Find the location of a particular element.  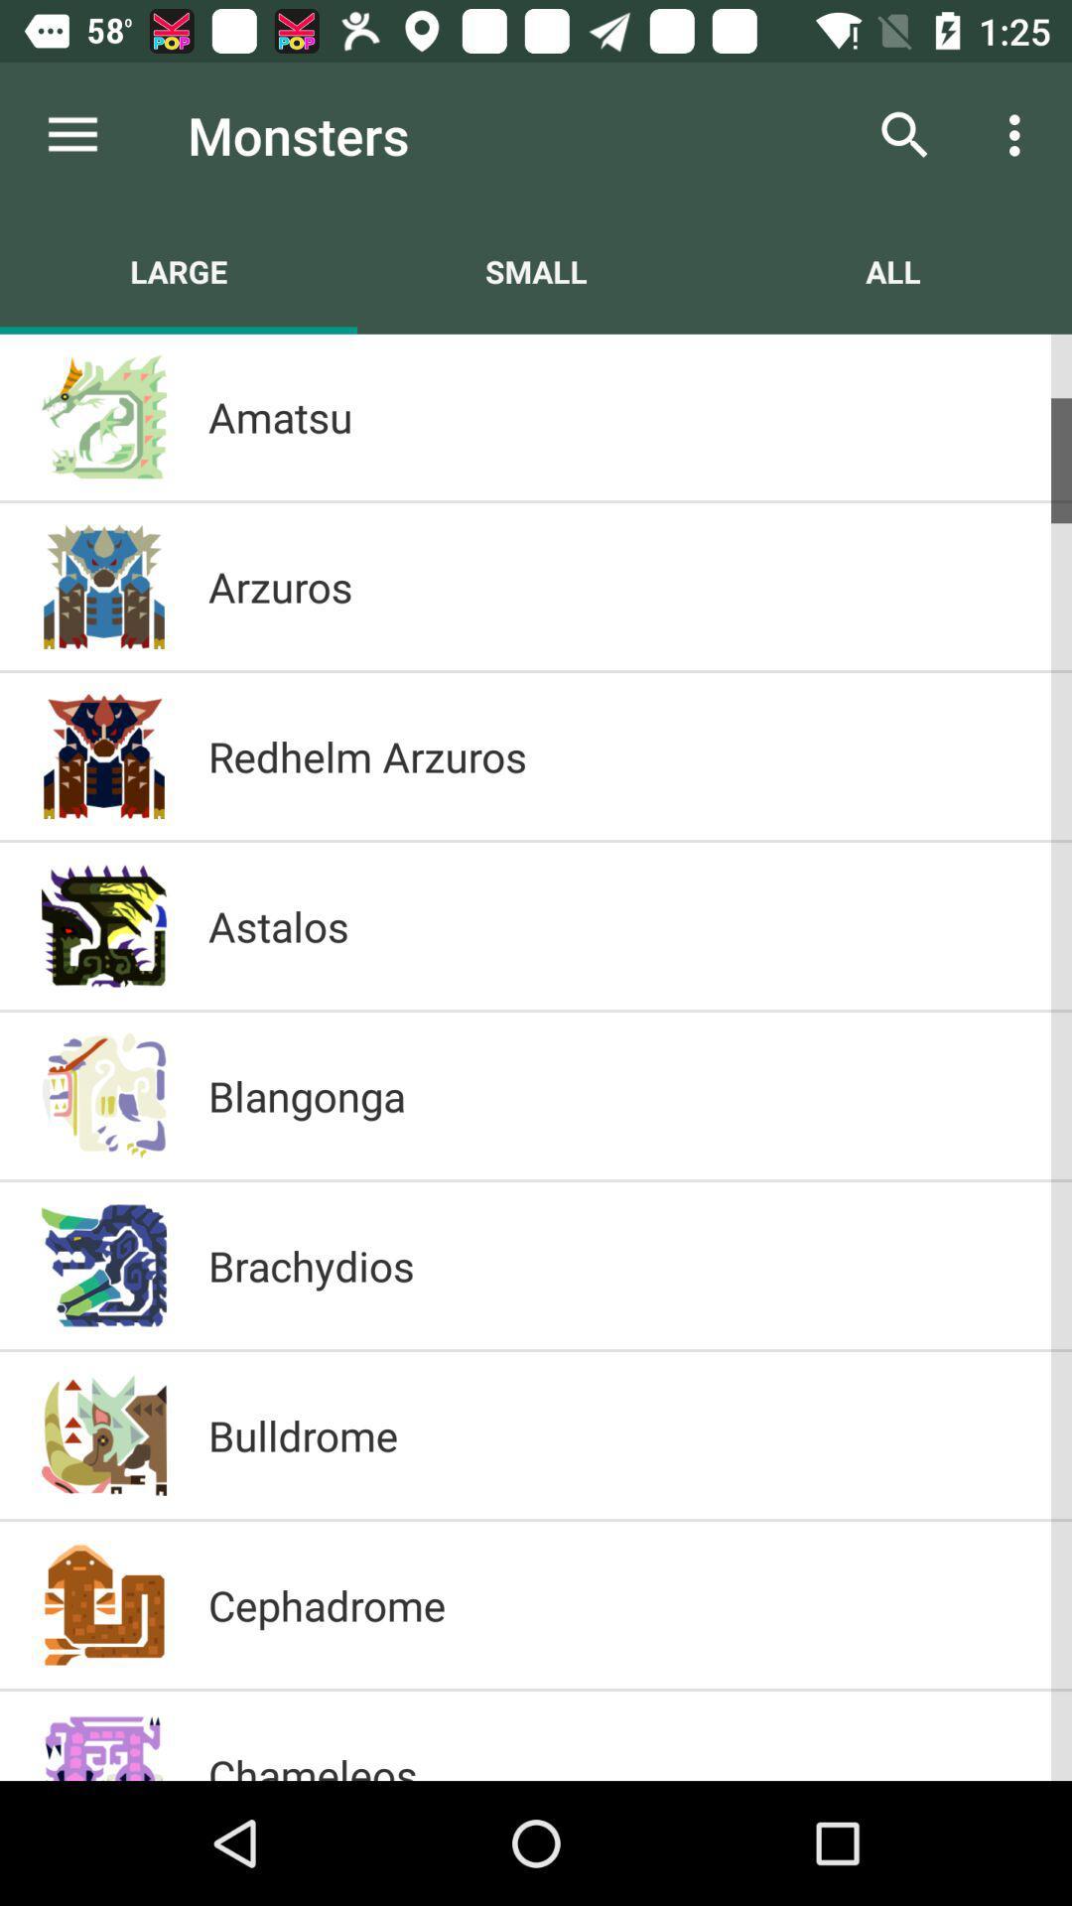

amatsu icon is located at coordinates (618, 416).